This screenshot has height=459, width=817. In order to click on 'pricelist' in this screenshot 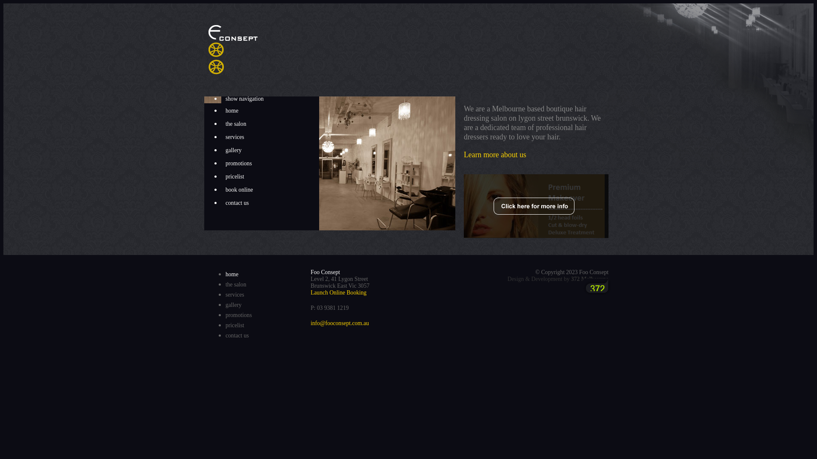, I will do `click(225, 325)`.